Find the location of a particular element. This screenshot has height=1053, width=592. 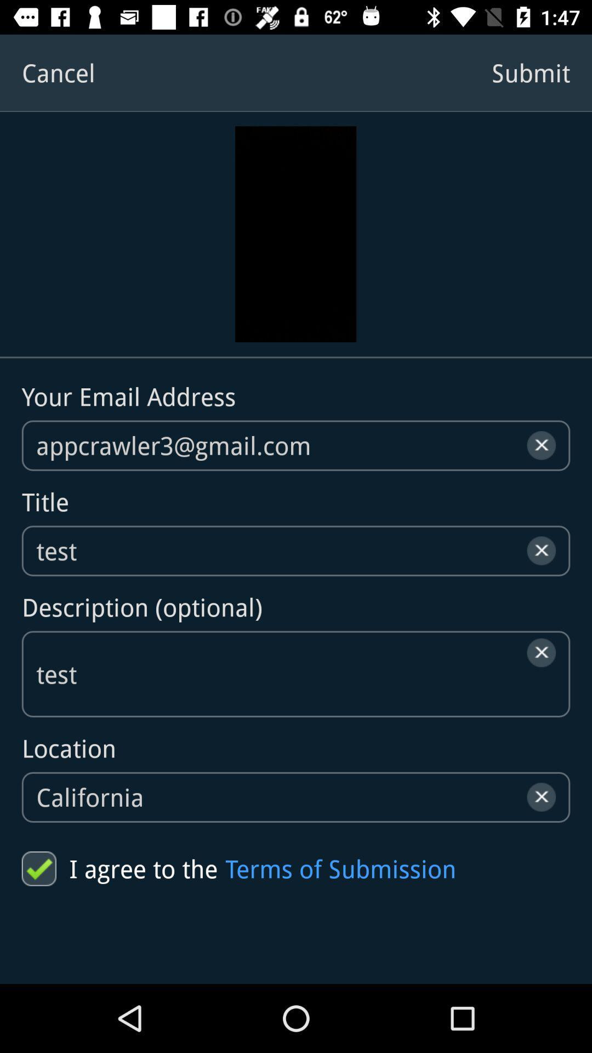

the close icon is located at coordinates (540, 445).